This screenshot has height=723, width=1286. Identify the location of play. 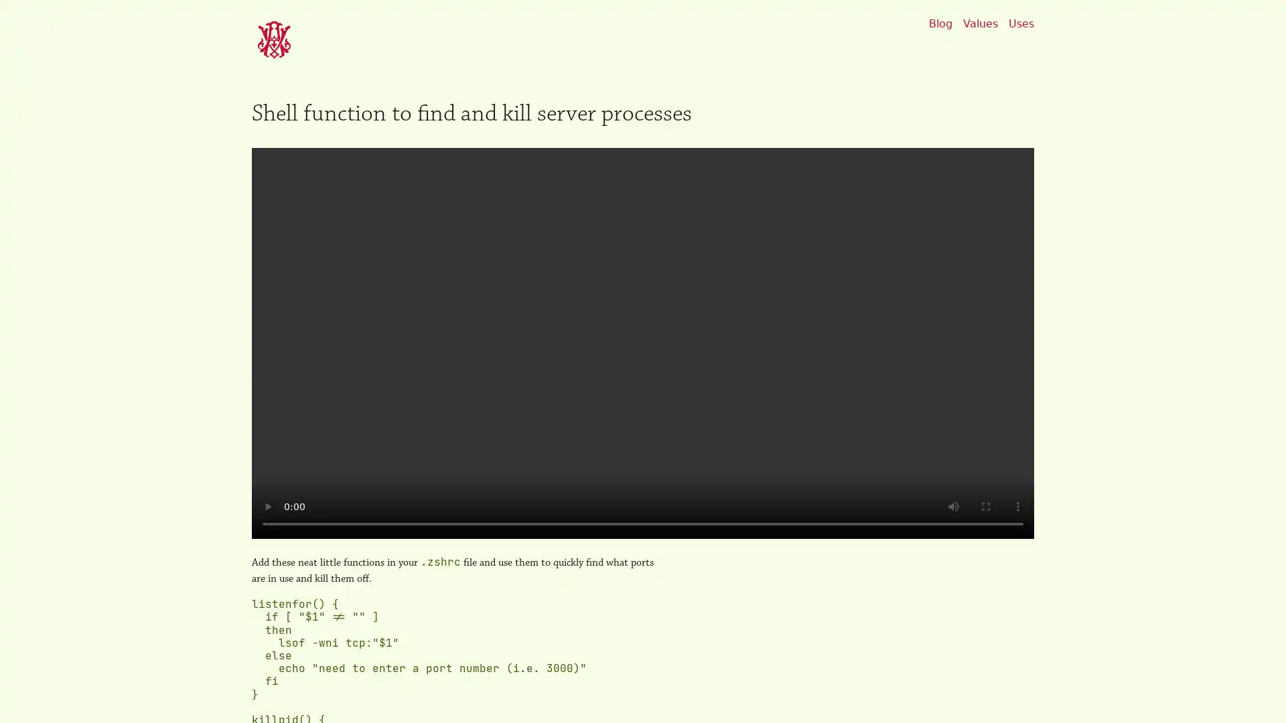
(267, 506).